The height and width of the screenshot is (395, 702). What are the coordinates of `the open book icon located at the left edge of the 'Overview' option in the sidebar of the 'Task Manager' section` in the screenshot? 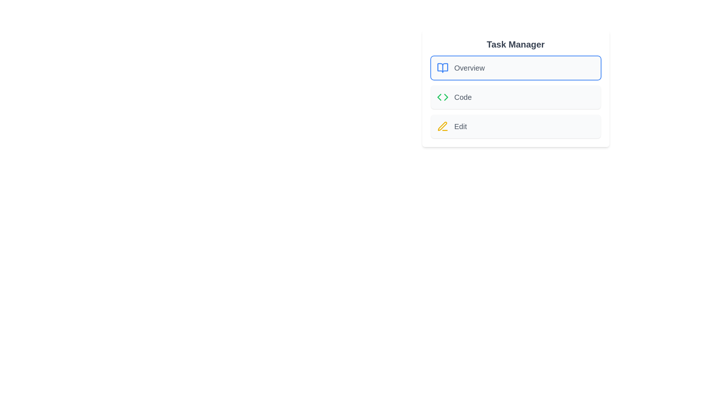 It's located at (442, 68).